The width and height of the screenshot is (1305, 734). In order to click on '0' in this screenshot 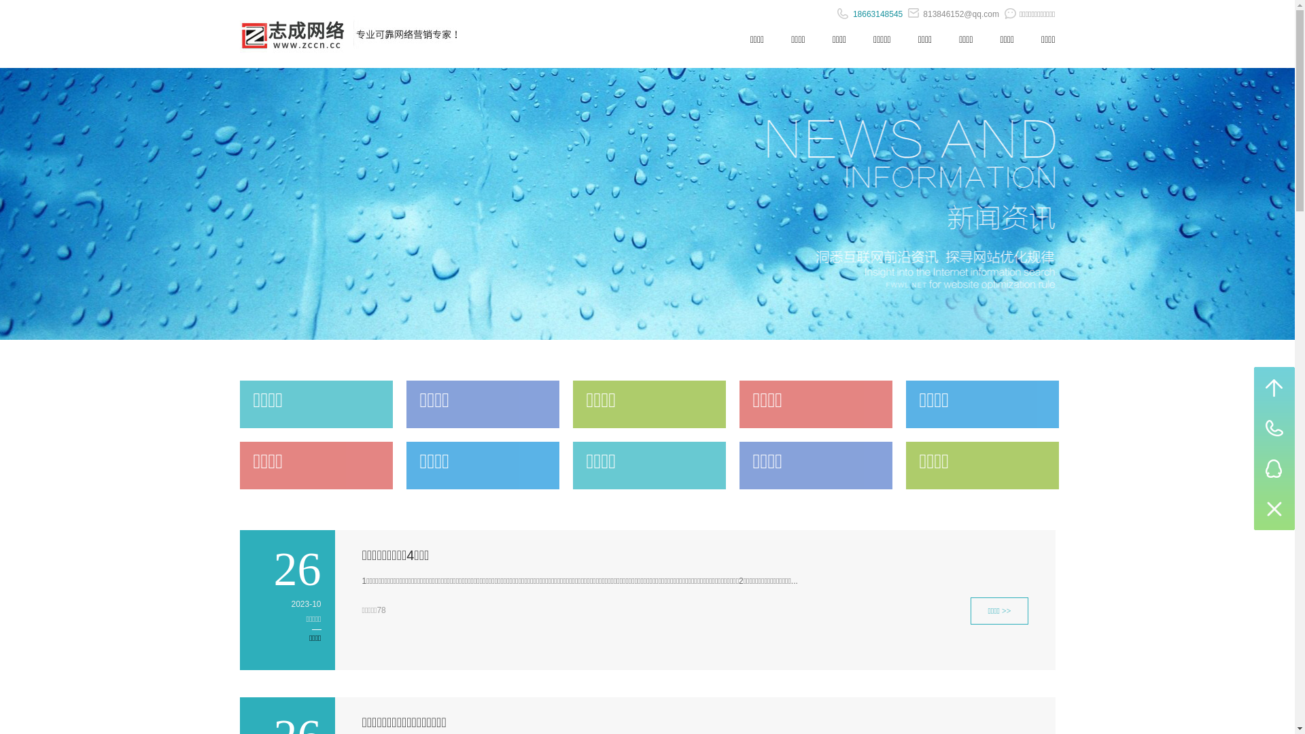, I will do `click(1274, 509)`.